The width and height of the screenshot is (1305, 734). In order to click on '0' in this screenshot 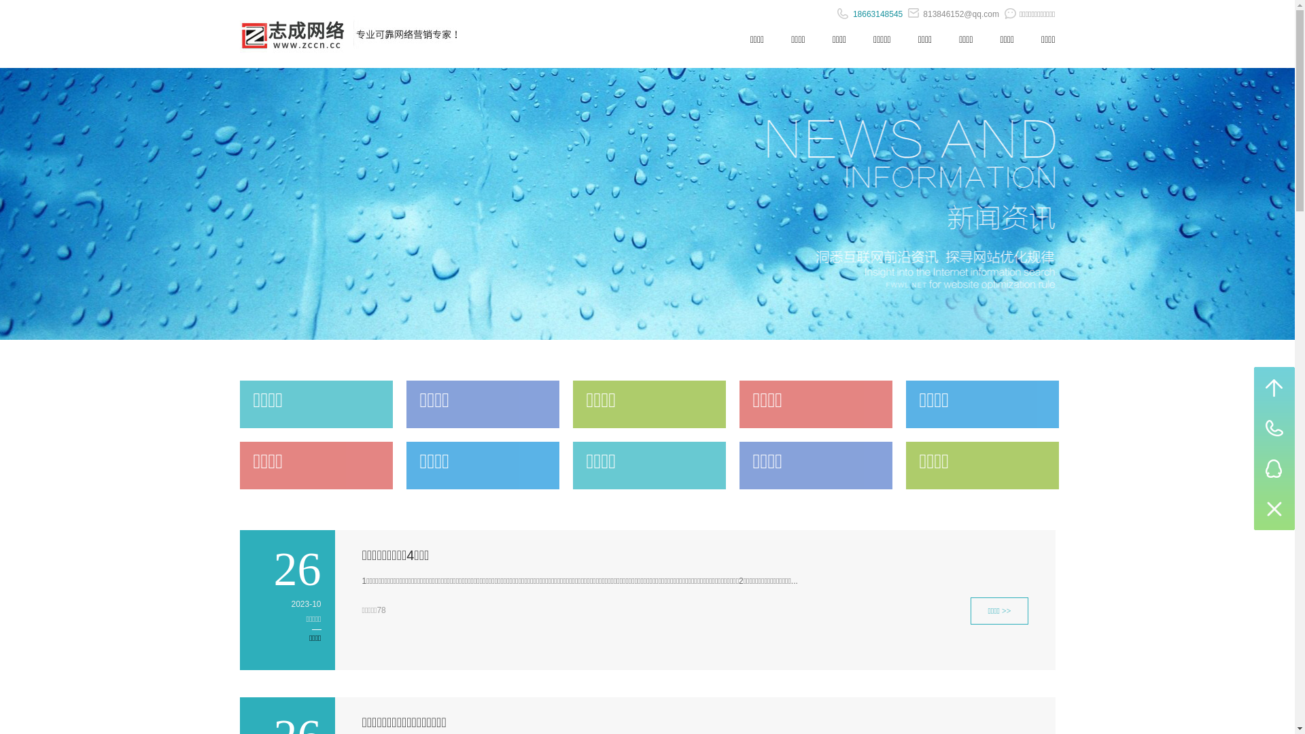, I will do `click(1274, 509)`.